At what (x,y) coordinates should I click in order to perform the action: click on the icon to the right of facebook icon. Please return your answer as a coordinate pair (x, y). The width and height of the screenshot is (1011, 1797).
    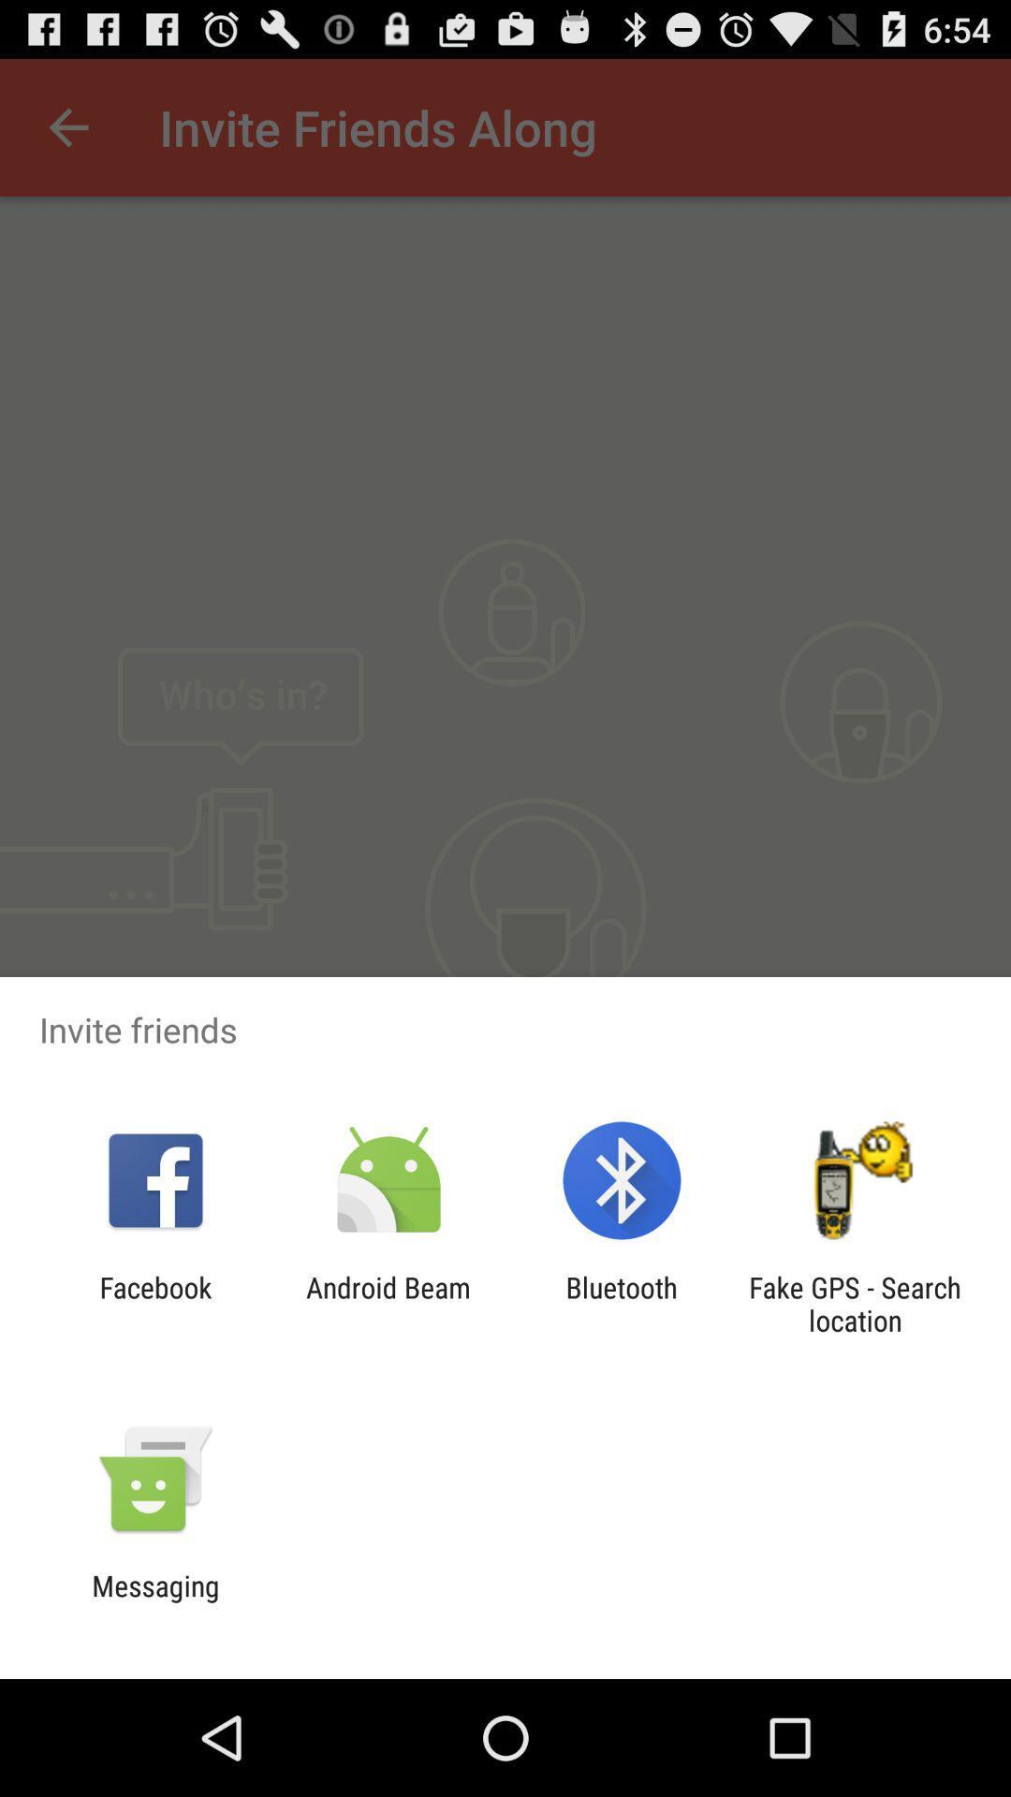
    Looking at the image, I should click on (388, 1303).